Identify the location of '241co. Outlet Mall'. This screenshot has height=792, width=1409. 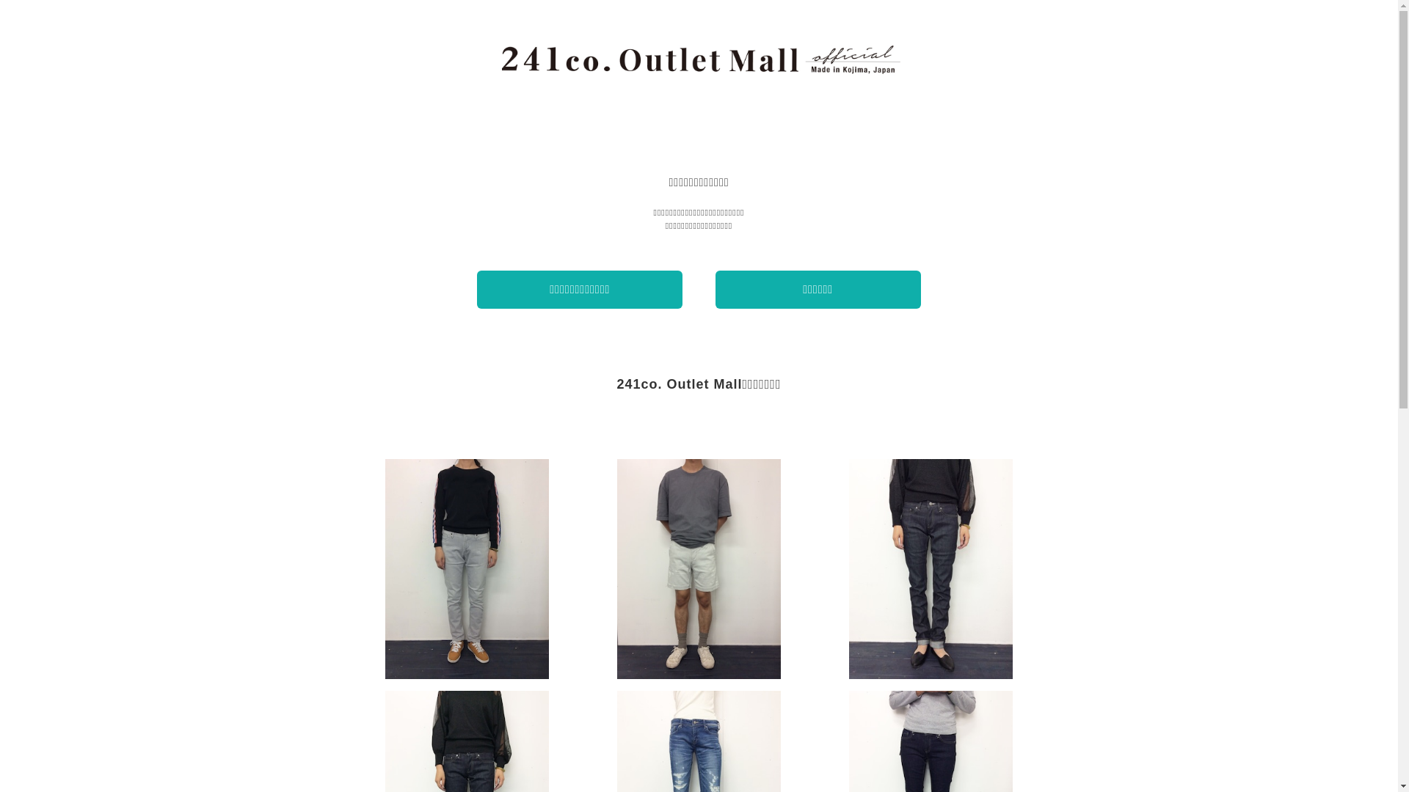
(699, 59).